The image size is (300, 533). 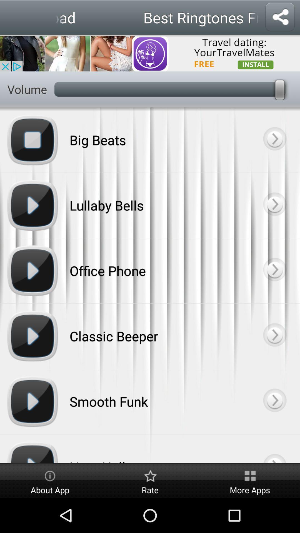 What do you see at coordinates (274, 271) in the screenshot?
I see `option` at bounding box center [274, 271].